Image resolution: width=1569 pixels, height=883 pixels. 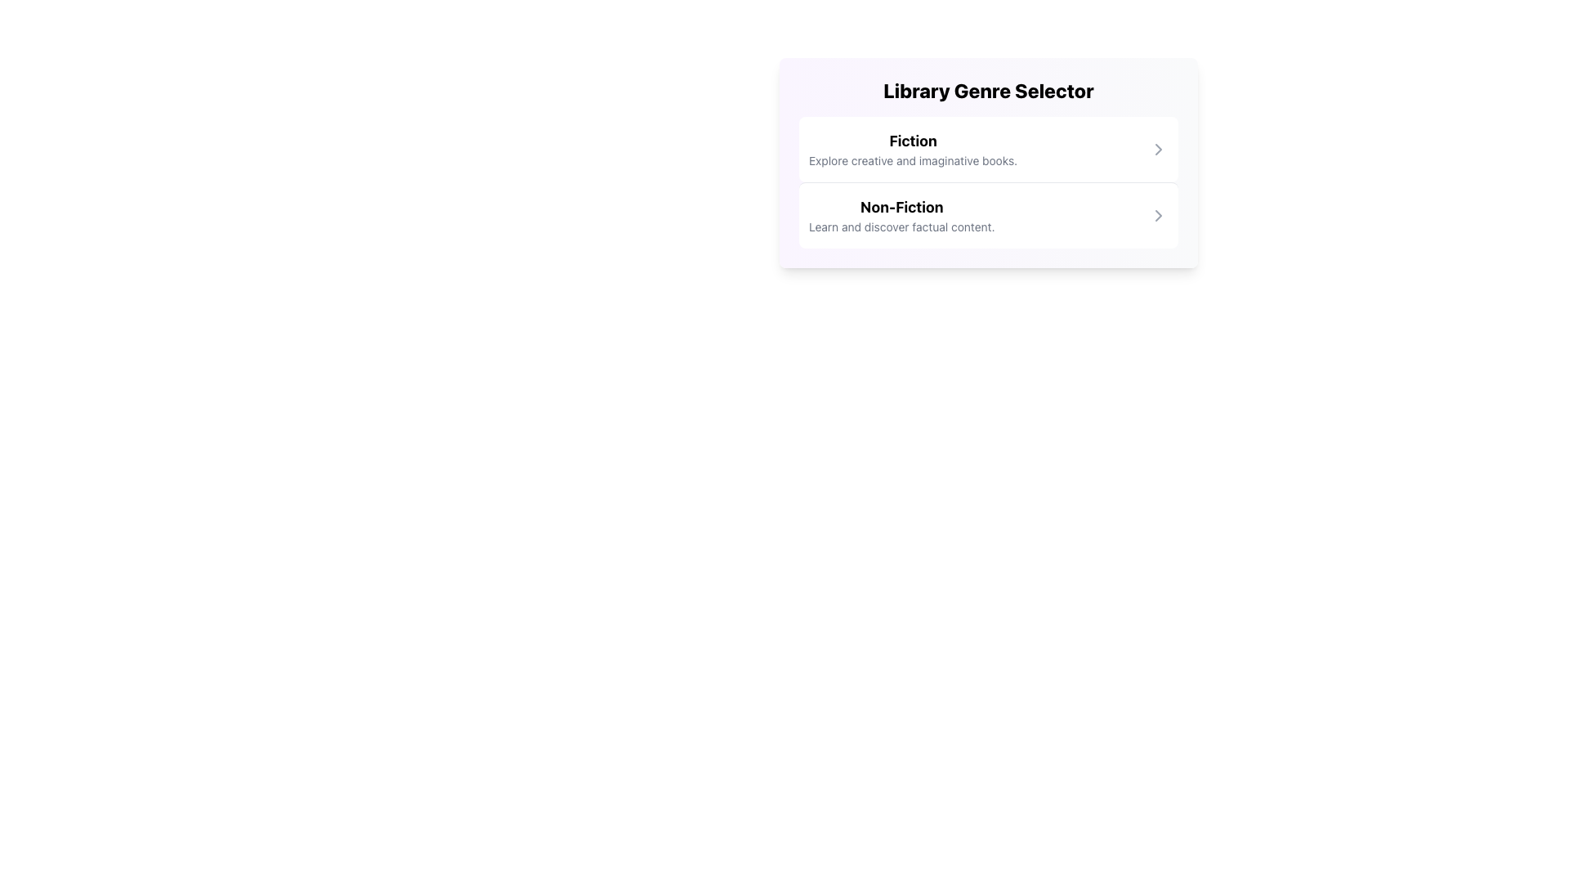 What do you see at coordinates (901, 214) in the screenshot?
I see `the 'Non-Fiction' text block, which contains two lines of text: 'Non-Fiction' in bold and larger font, and 'Learn and discover factual content.' in smaller gray font, positioned under the 'Library Genre Selector'` at bounding box center [901, 214].